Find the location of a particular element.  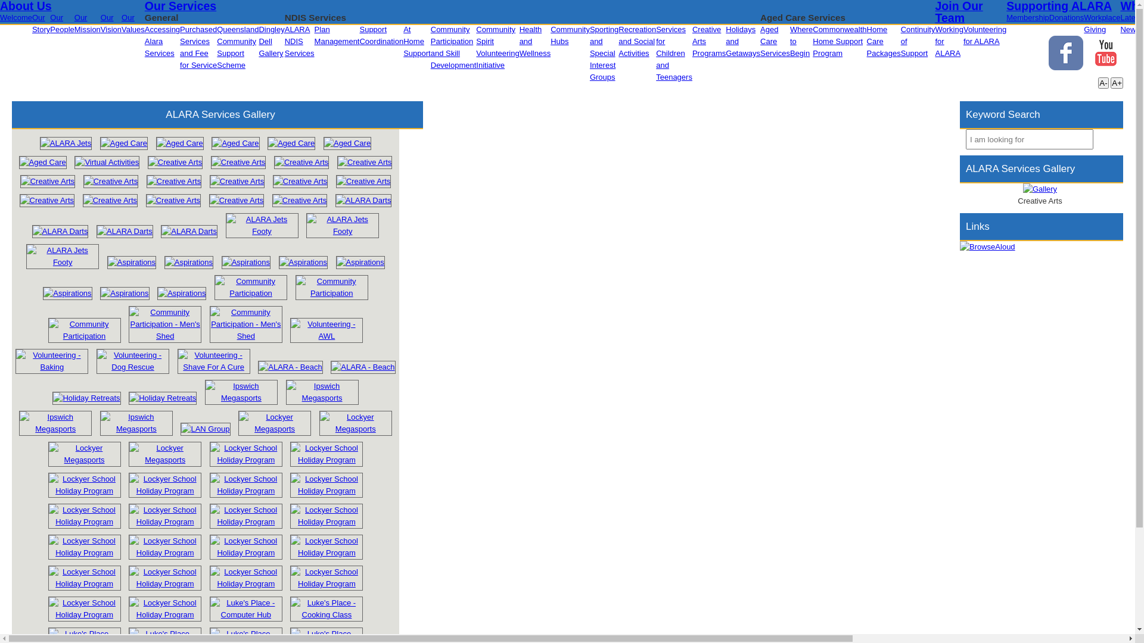

'Volunteering - Dog Rescue' is located at coordinates (132, 360).